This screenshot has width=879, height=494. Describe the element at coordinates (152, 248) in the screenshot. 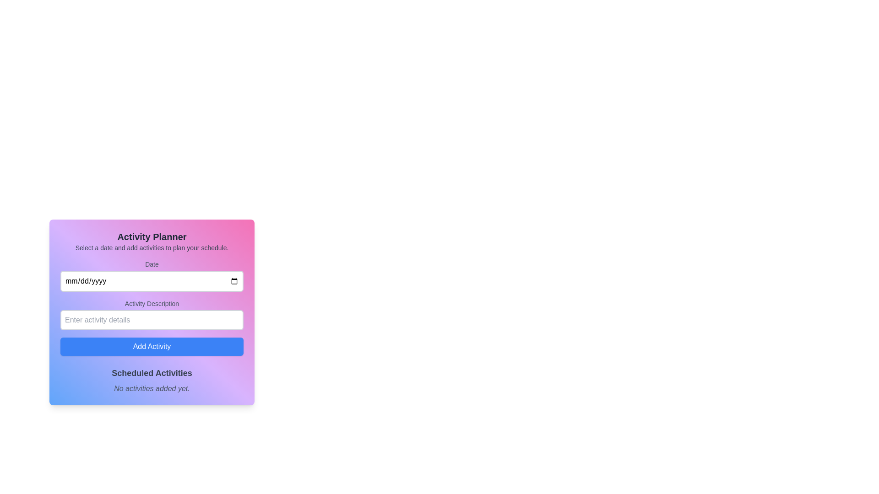

I see `the text label that reads 'Select a date and add activities to plan your schedule.' which is styled with a small gray font and is located within the 'Activity Planner' card` at that location.